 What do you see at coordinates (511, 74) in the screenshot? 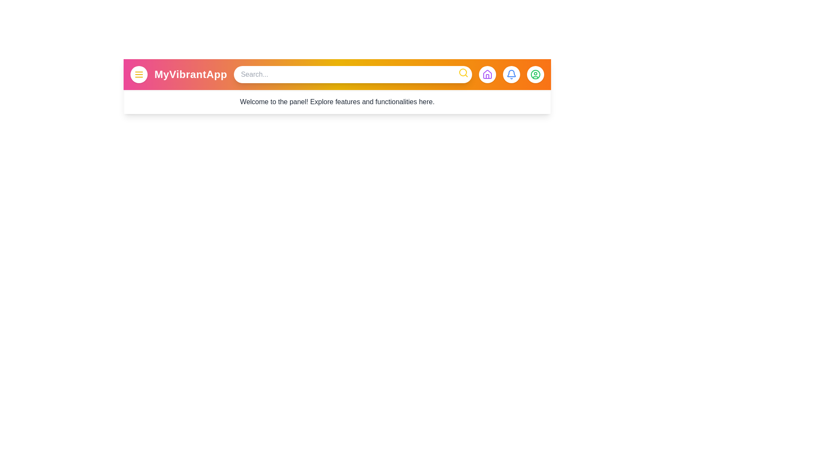
I see `the bell button to check notifications` at bounding box center [511, 74].